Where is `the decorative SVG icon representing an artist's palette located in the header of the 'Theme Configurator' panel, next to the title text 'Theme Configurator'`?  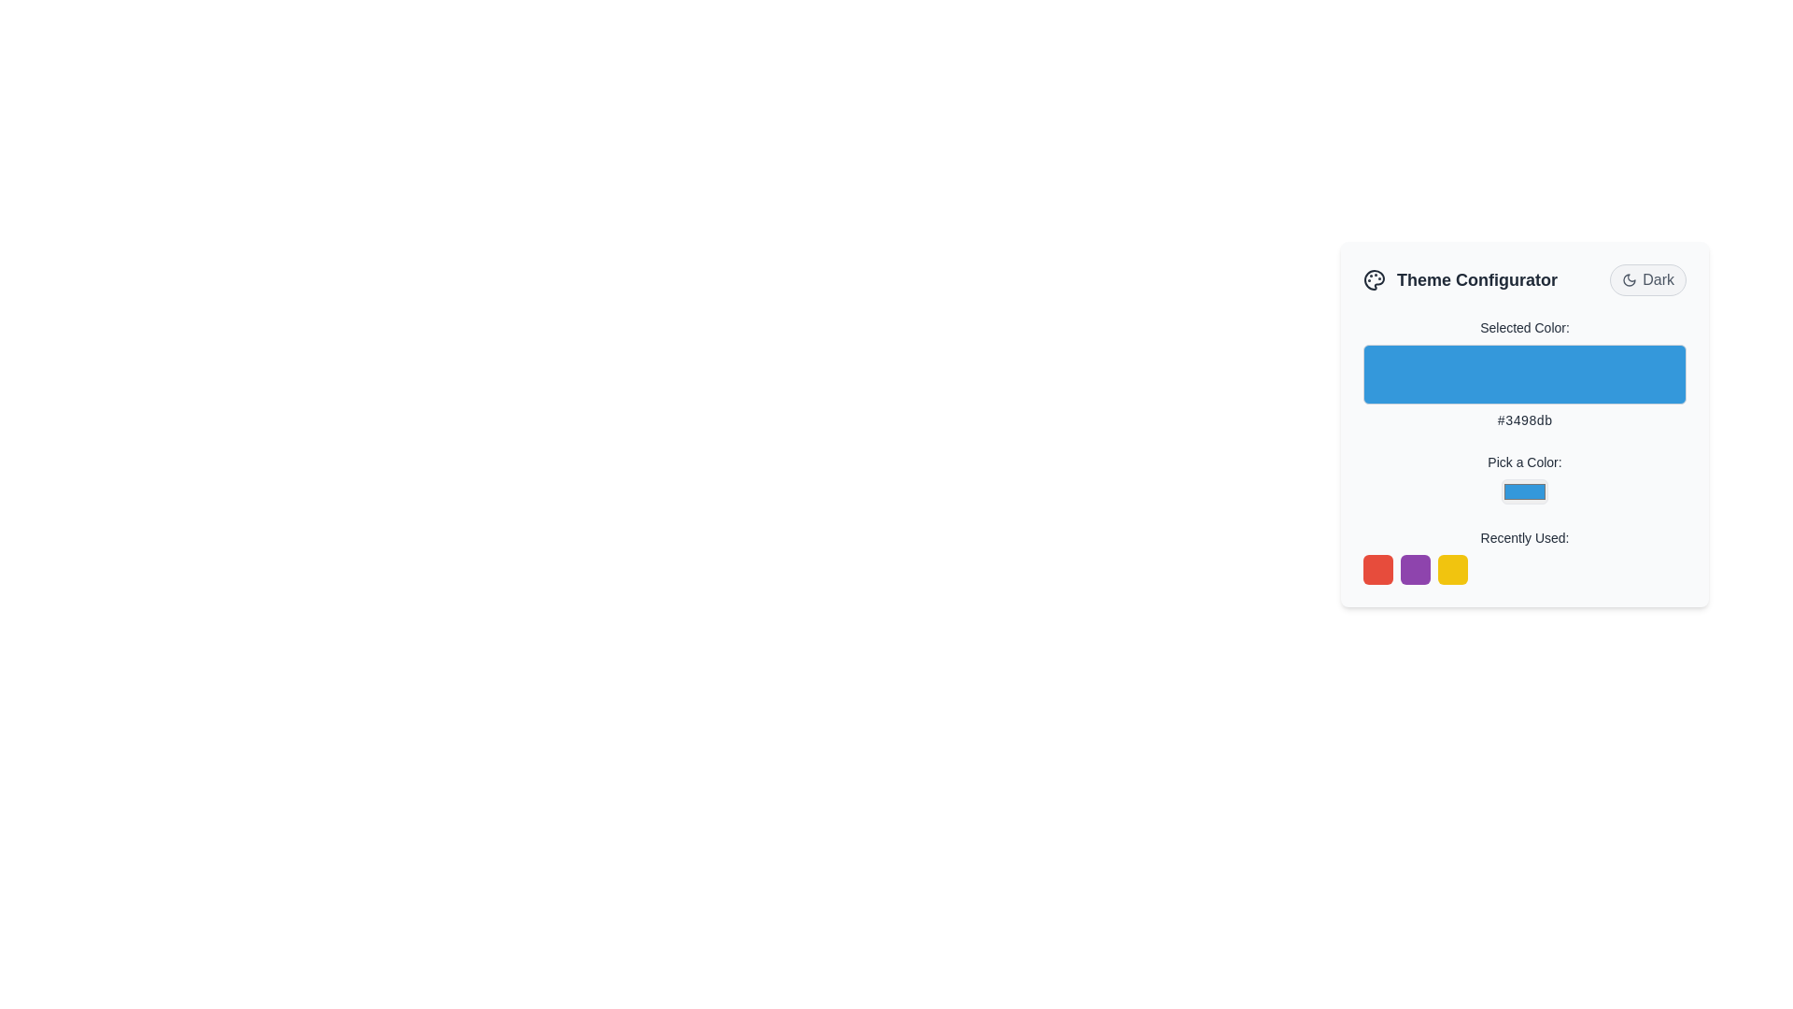
the decorative SVG icon representing an artist's palette located in the header of the 'Theme Configurator' panel, next to the title text 'Theme Configurator' is located at coordinates (1375, 280).